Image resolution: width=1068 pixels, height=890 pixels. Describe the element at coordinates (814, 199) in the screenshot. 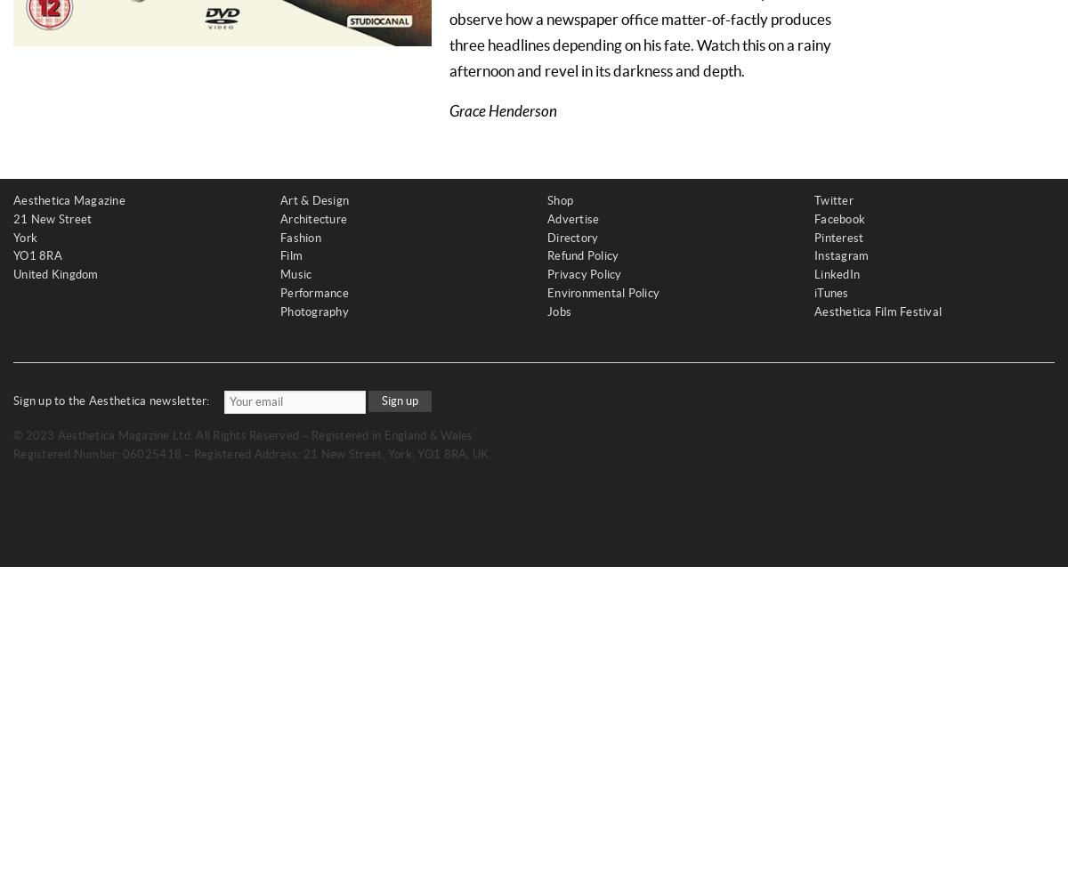

I see `'Twitter'` at that location.